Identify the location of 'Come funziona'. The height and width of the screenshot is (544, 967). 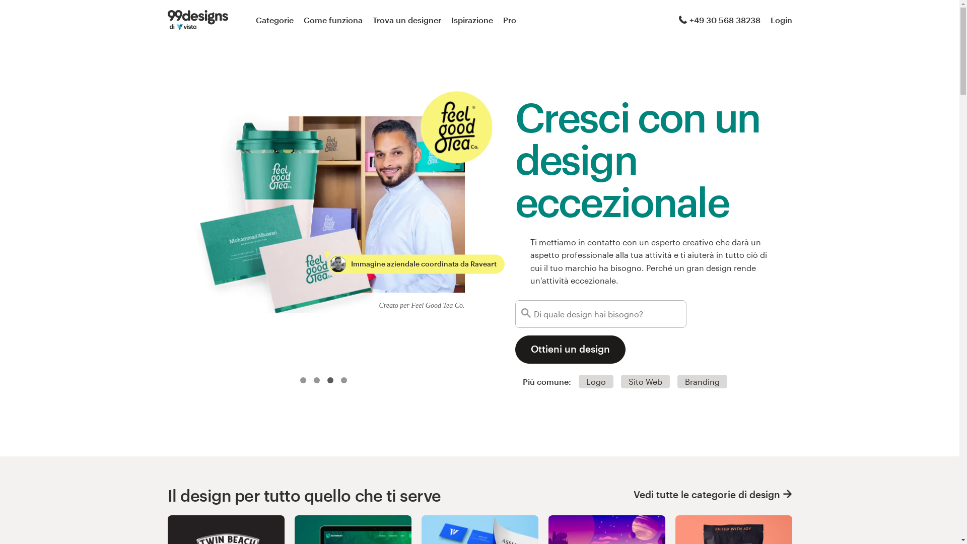
(332, 20).